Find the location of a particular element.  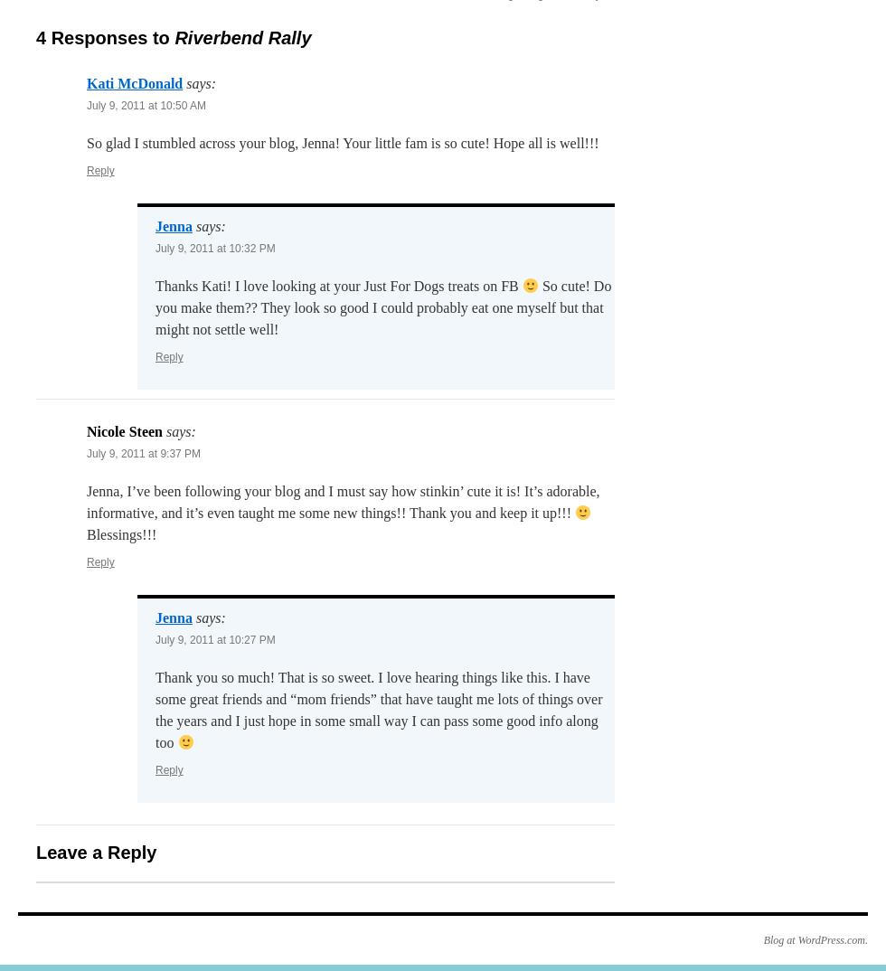

'Thanks Kati! I love looking at your Just For Dogs treats on FB' is located at coordinates (155, 286).